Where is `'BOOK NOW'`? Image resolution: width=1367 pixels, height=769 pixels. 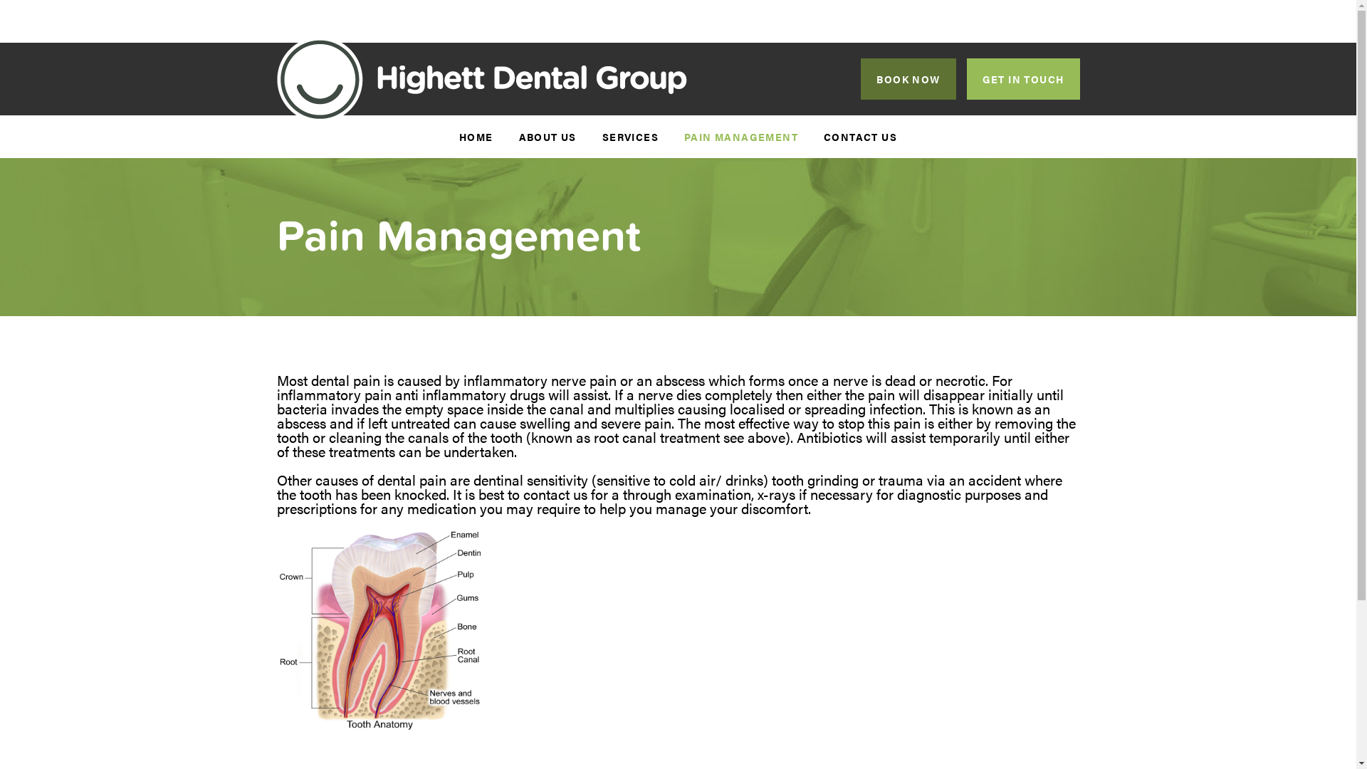
'BOOK NOW' is located at coordinates (907, 79).